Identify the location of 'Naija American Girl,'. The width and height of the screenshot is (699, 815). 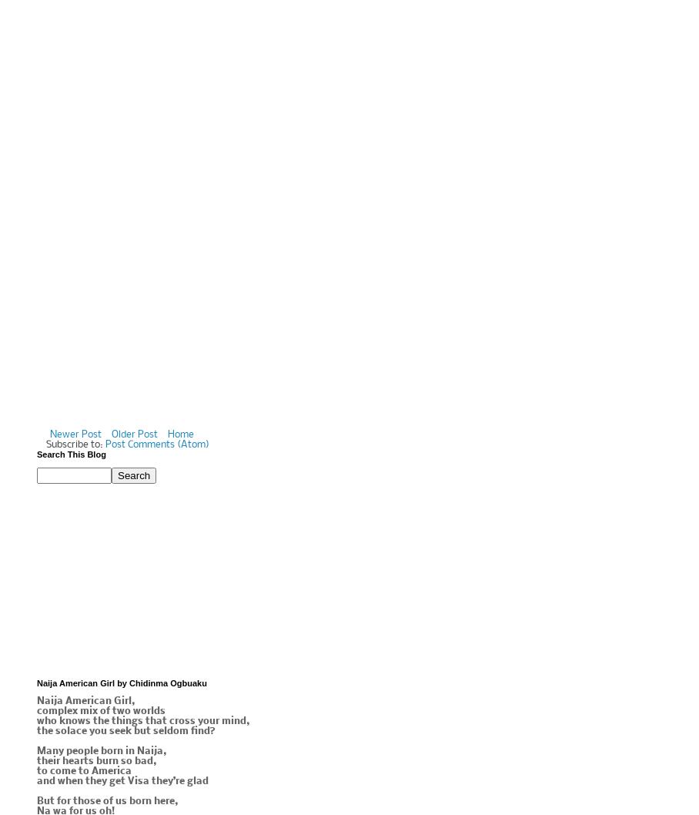
(85, 701).